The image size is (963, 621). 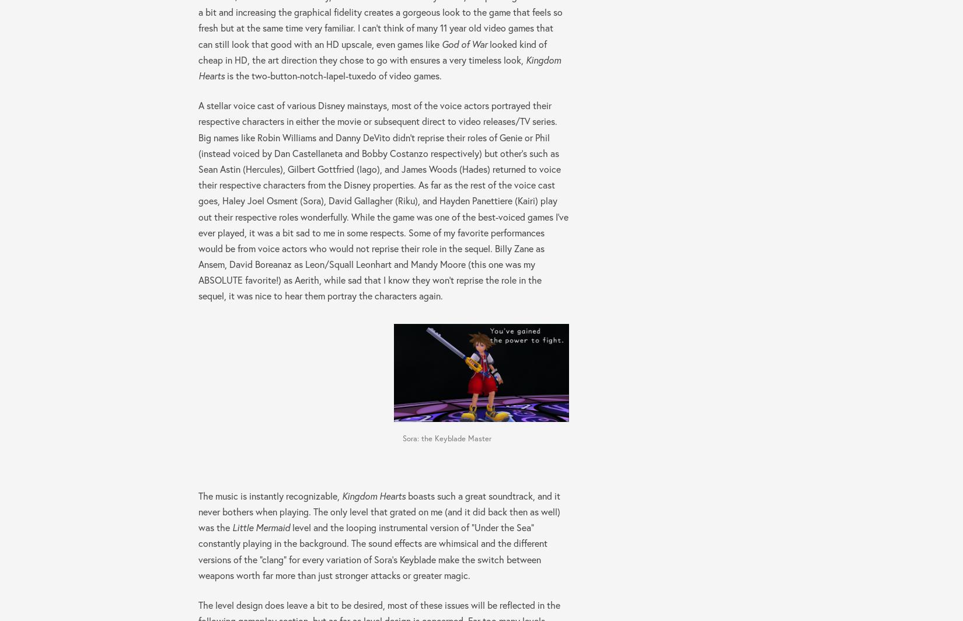 What do you see at coordinates (333, 75) in the screenshot?
I see `'is the two-button-notch-lapel-tuxedo of video games.'` at bounding box center [333, 75].